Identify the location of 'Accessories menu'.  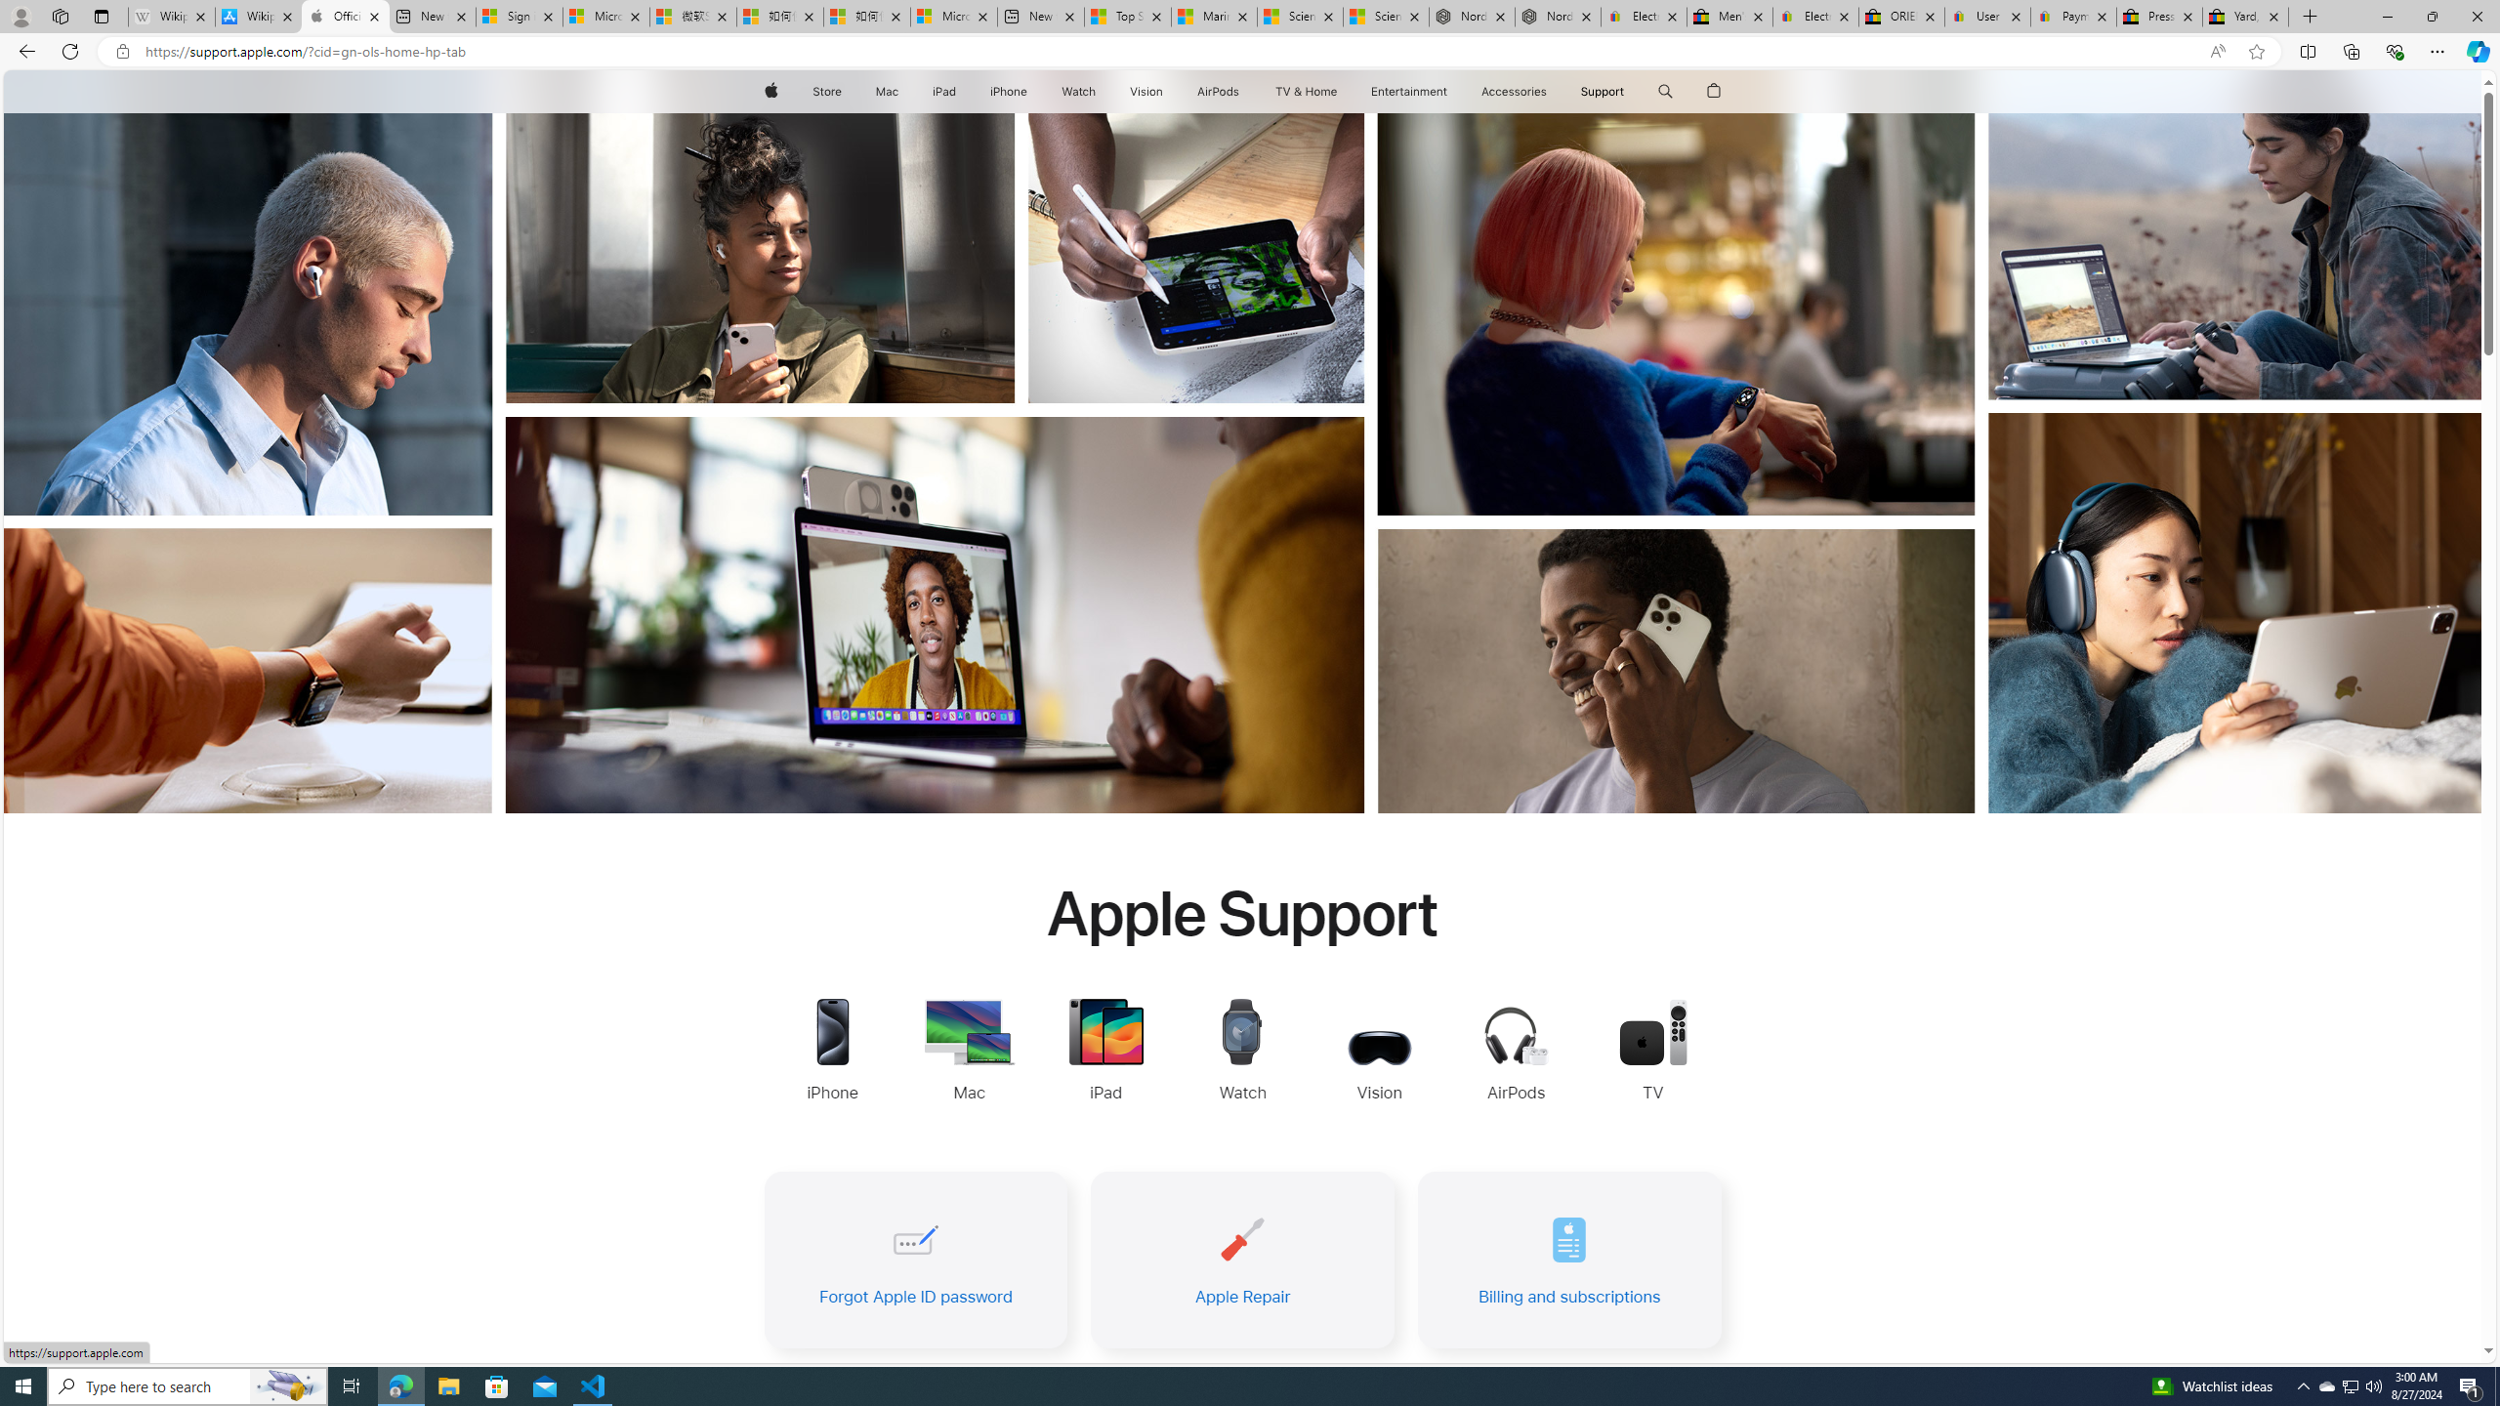
(1550, 91).